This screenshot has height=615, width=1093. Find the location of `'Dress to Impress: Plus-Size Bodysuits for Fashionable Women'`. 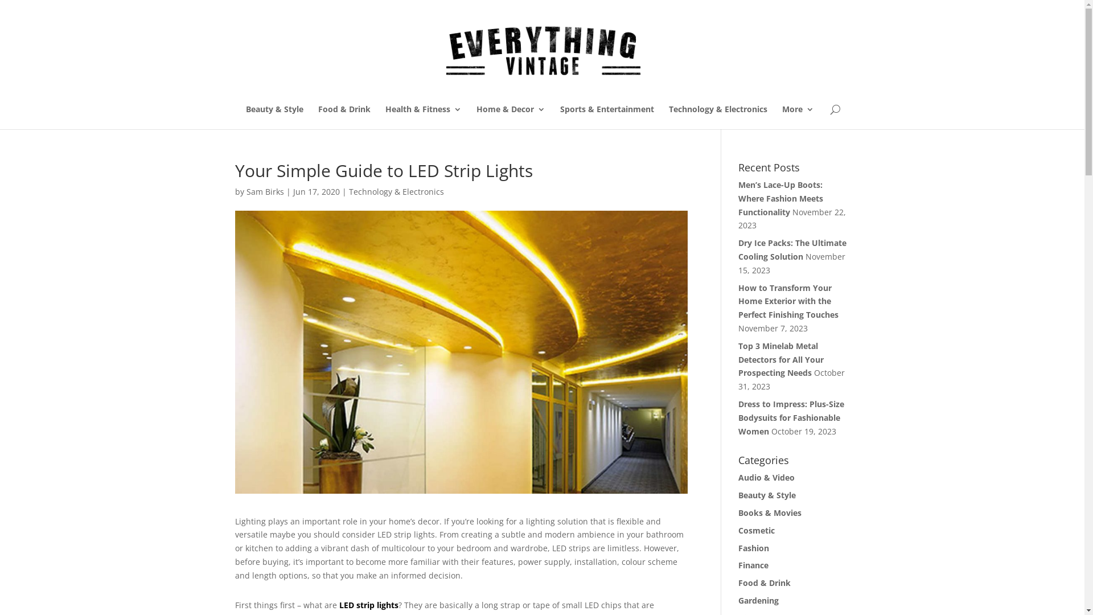

'Dress to Impress: Plus-Size Bodysuits for Fashionable Women' is located at coordinates (791, 417).